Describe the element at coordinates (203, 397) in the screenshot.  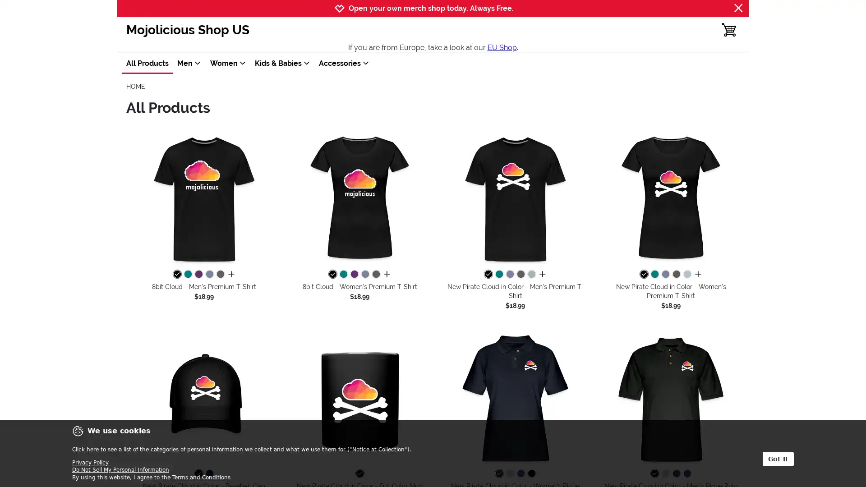
I see `New Pirate Cloud in Color - Baseball Cap` at that location.